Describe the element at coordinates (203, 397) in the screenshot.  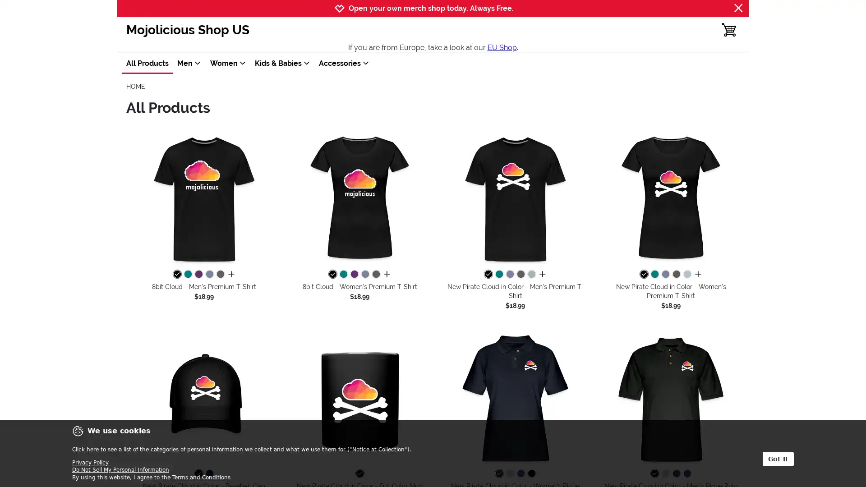
I see `New Pirate Cloud in Color - Baseball Cap` at that location.